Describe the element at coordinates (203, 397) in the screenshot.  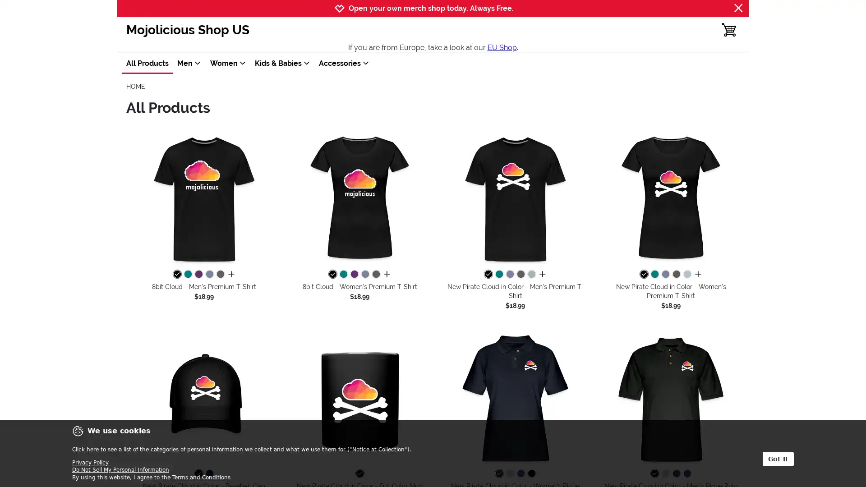
I see `New Pirate Cloud in Color - Baseball Cap` at that location.